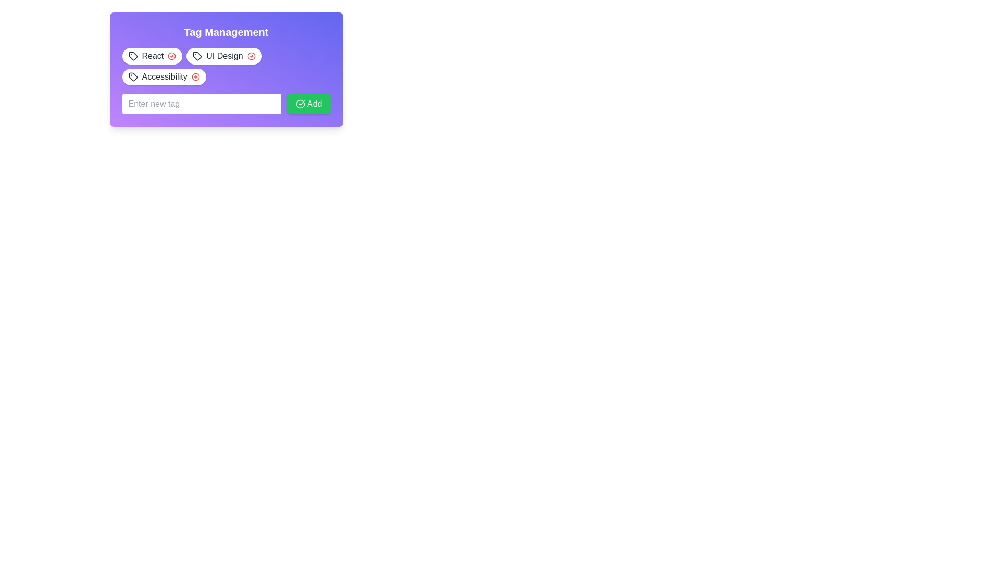 This screenshot has width=1000, height=562. I want to click on the Decorative graphical tag icon representing the 'React' tag, which is located near the top left of the tag management box, to the left of the 'React' label text, so click(132, 56).